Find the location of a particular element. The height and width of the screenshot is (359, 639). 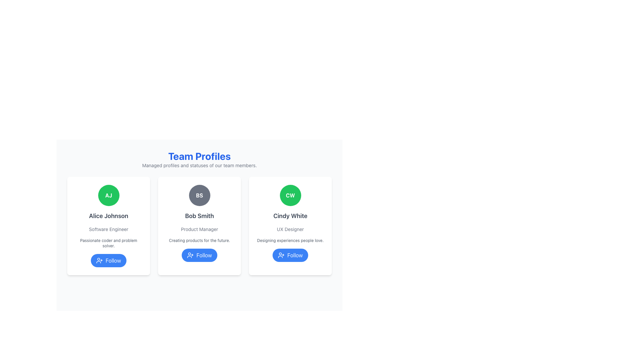

the user-plus icon located to the left of the 'Follow' text within the rounded blue button beneath the profile card for 'Alice Johnson' is located at coordinates (99, 260).